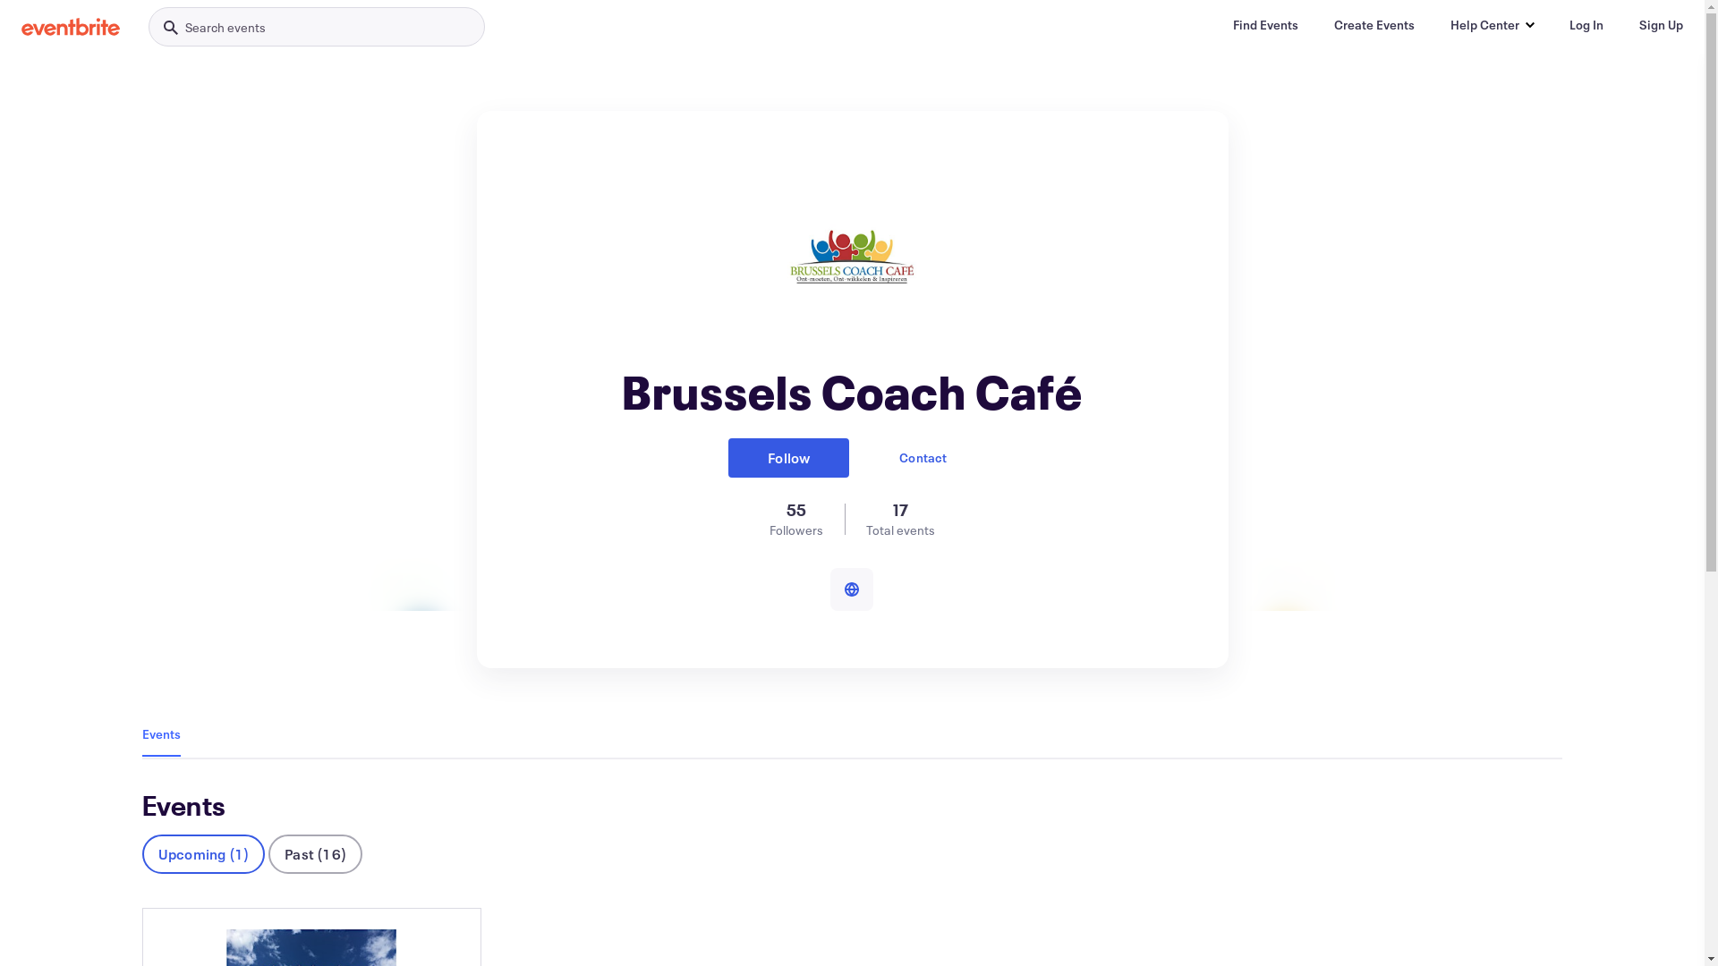 This screenshot has height=966, width=1718. Describe the element at coordinates (21, 27) in the screenshot. I see `'Eventbrite'` at that location.